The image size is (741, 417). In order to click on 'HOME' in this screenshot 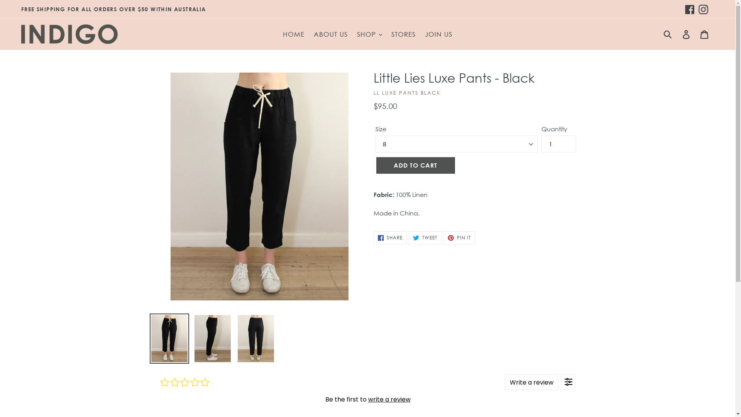, I will do `click(293, 34)`.